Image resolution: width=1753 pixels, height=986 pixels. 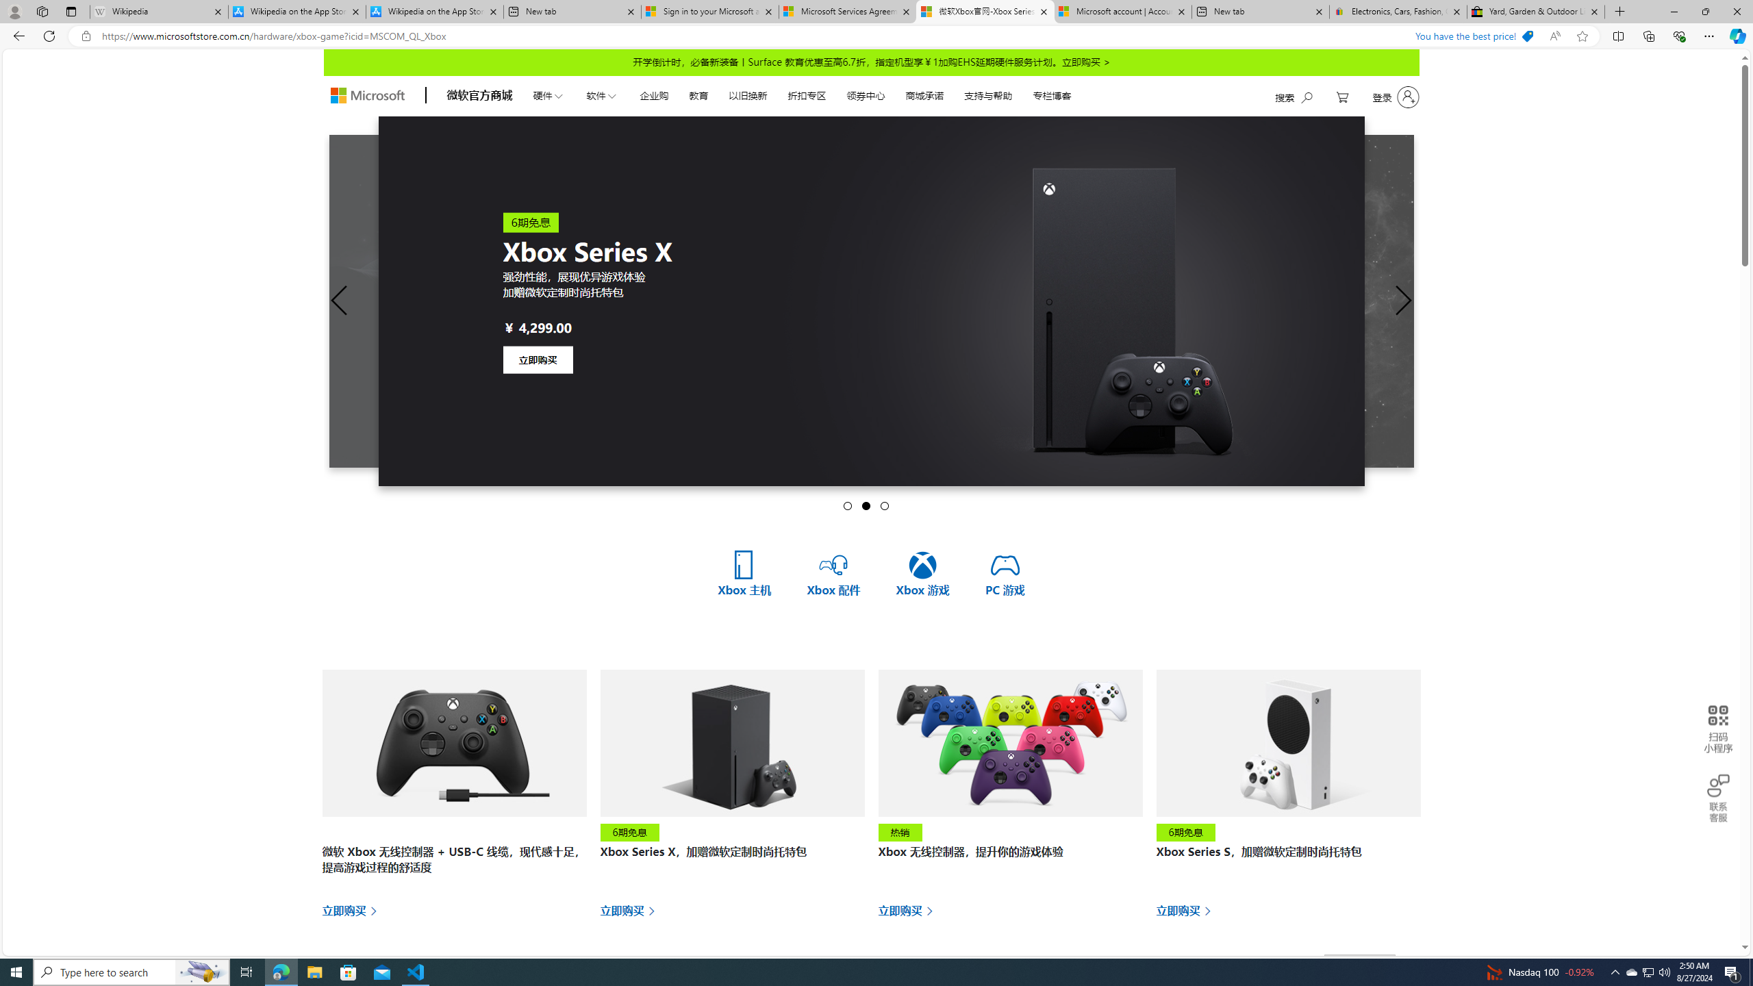 What do you see at coordinates (159, 11) in the screenshot?
I see `'Wikipedia - Sleeping'` at bounding box center [159, 11].